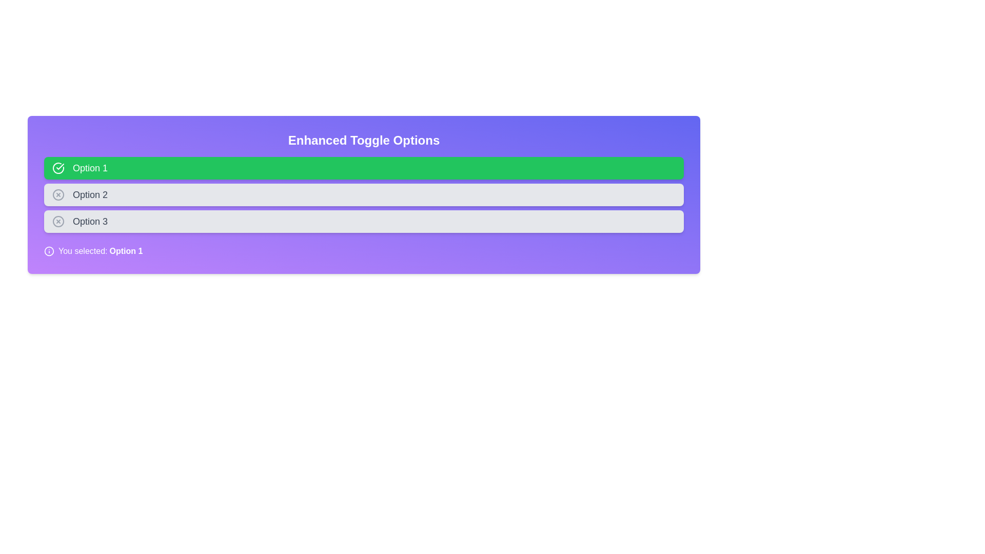 The height and width of the screenshot is (554, 985). I want to click on the toggle option Option 3, so click(364, 221).